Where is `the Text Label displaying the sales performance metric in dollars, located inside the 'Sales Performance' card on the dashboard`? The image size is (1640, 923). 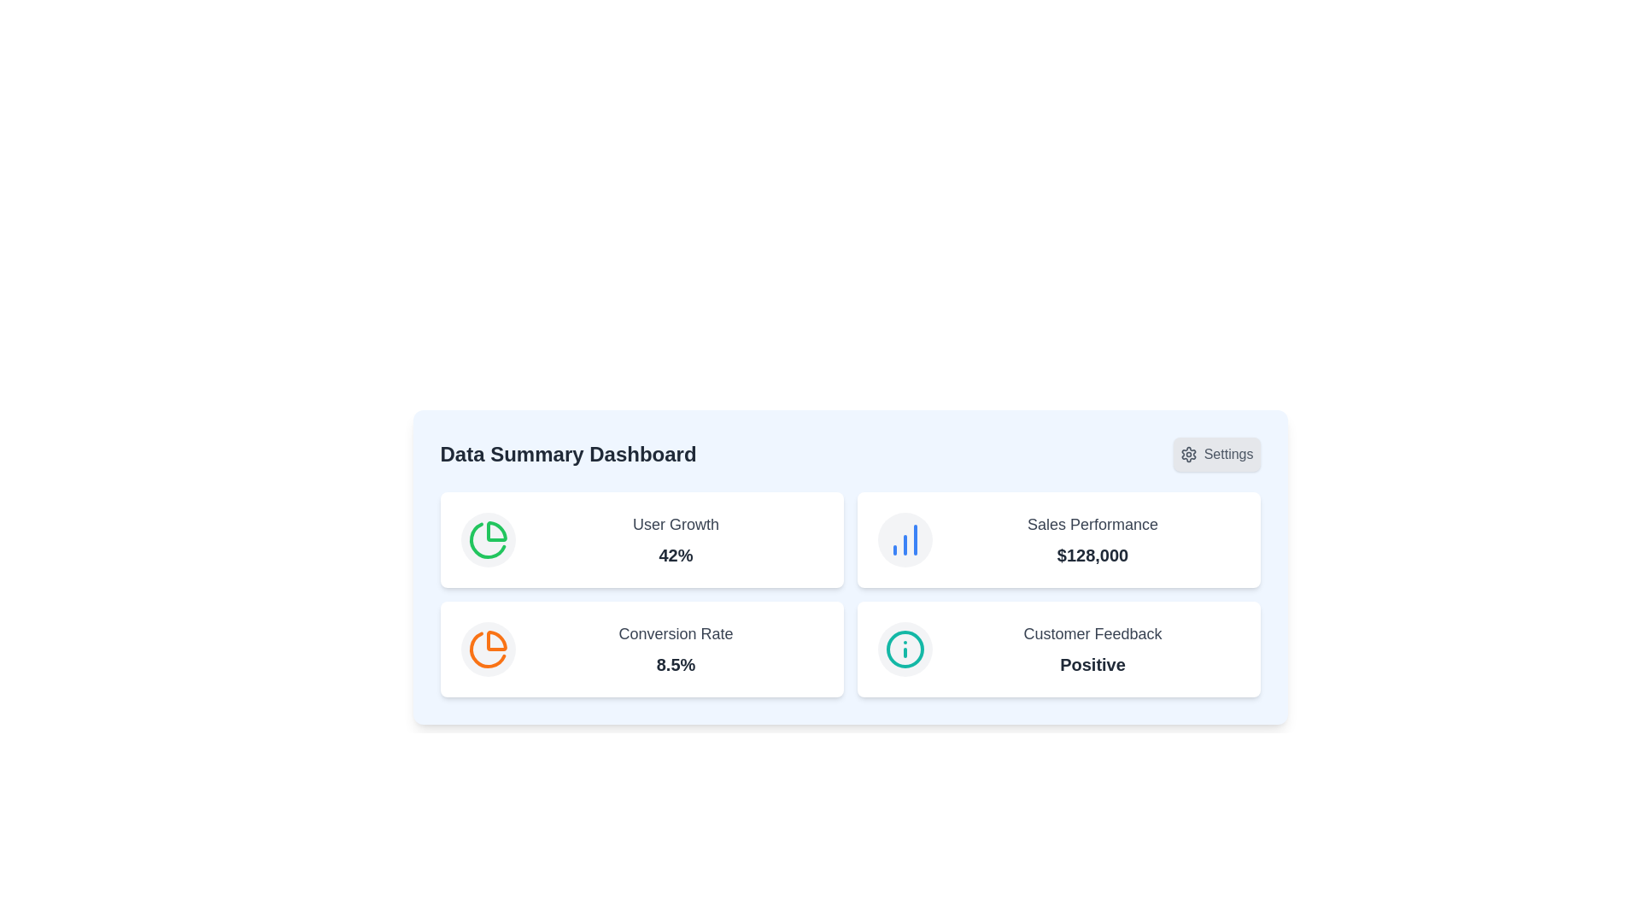
the Text Label displaying the sales performance metric in dollars, located inside the 'Sales Performance' card on the dashboard is located at coordinates (1092, 556).